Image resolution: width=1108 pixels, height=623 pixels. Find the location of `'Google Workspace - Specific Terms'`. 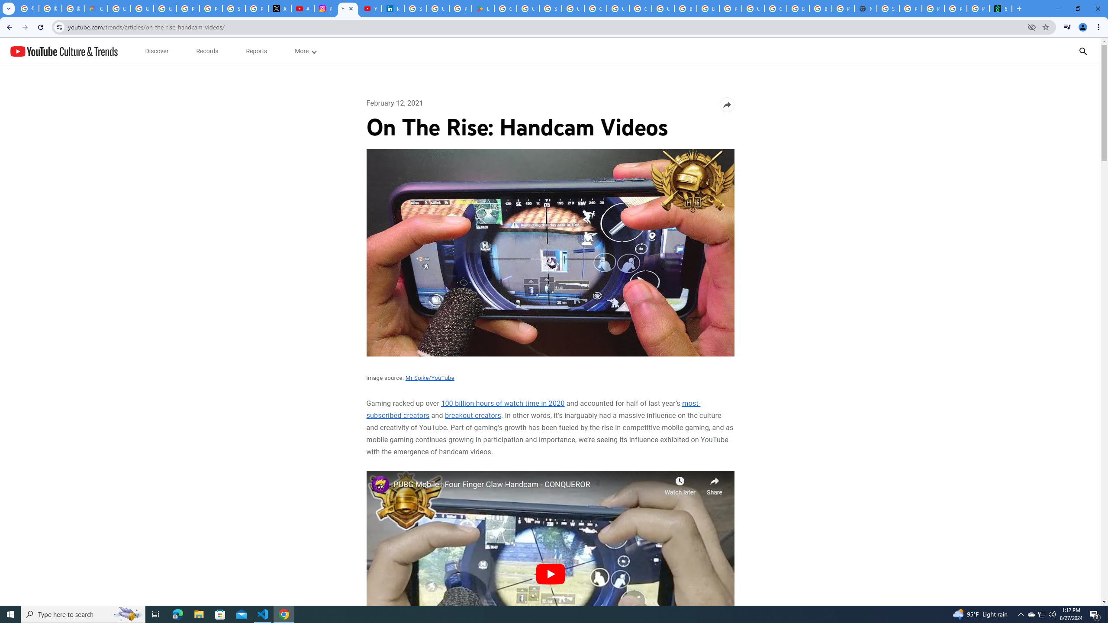

'Google Workspace - Specific Terms' is located at coordinates (527, 8).